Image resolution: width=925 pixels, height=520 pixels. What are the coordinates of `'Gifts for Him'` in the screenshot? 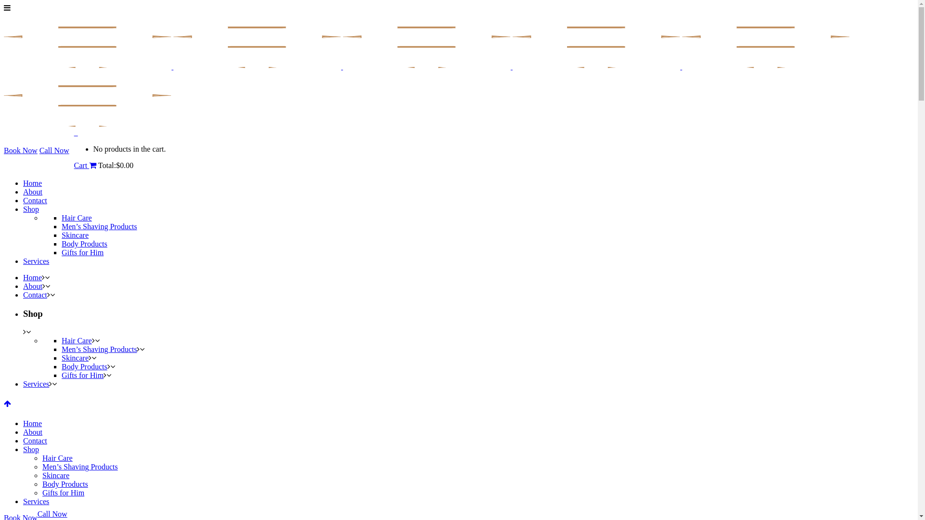 It's located at (82, 375).